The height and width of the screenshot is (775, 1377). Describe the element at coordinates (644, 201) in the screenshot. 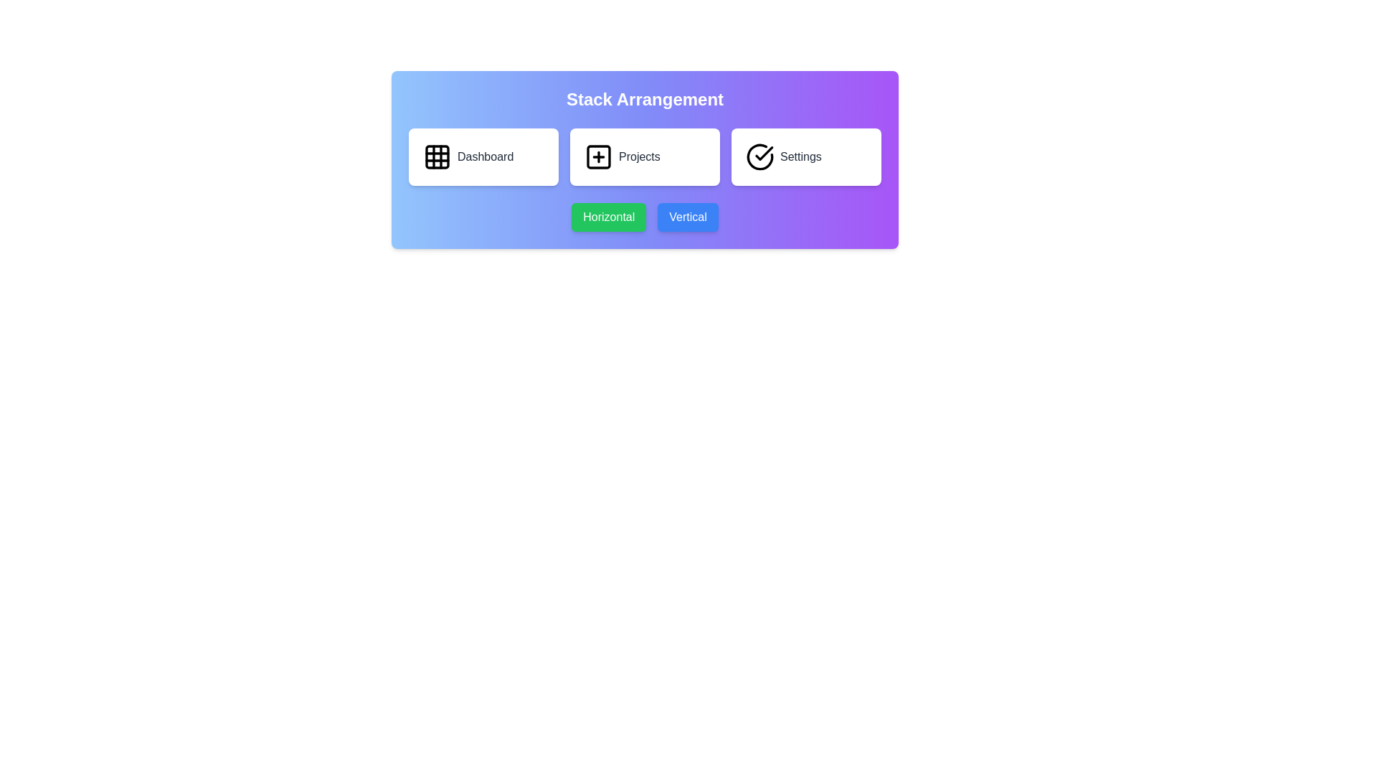

I see `the 'Horizontal' button with a green background and white text to observe the hover effect` at that location.